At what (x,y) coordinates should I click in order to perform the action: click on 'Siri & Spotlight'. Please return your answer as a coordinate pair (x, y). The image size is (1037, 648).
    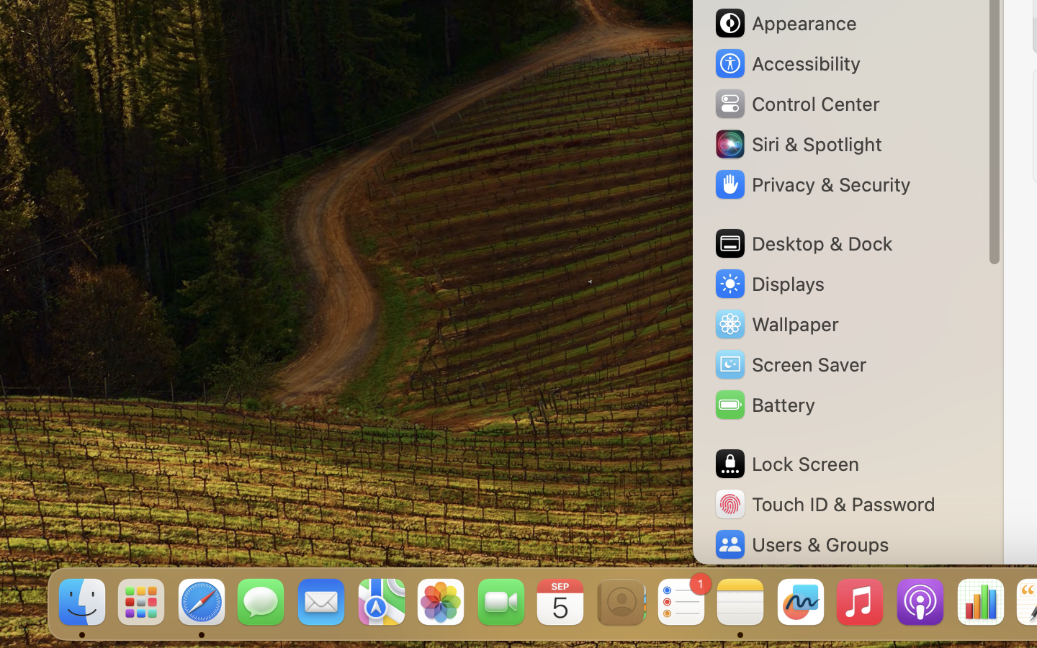
    Looking at the image, I should click on (796, 143).